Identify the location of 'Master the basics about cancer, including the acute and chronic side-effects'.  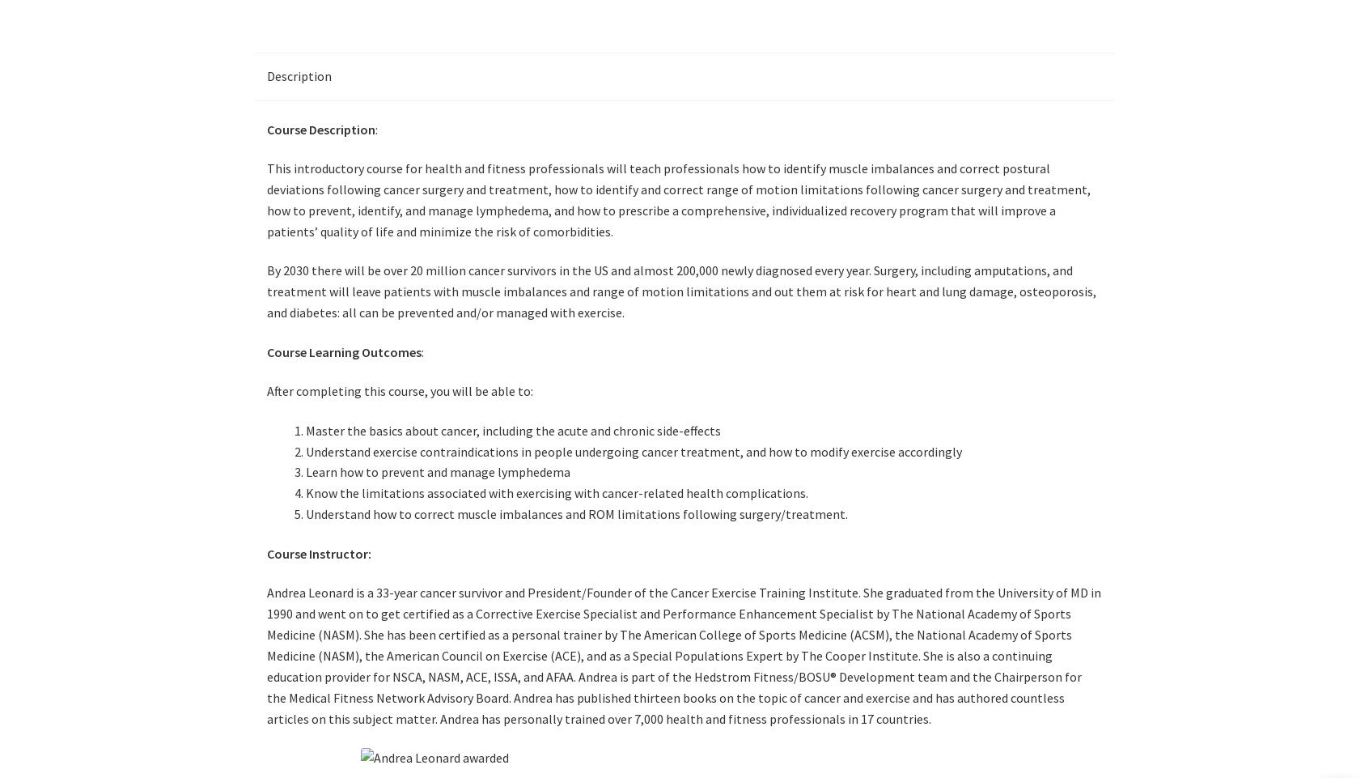
(512, 429).